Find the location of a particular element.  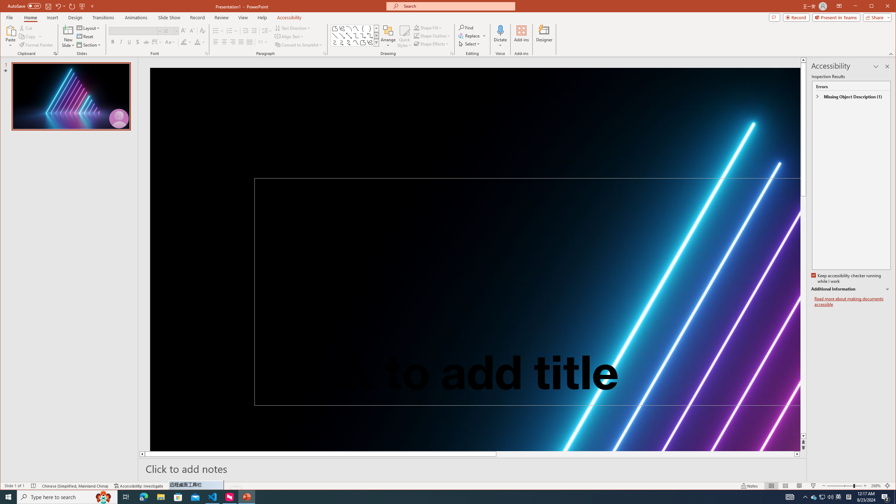

'Connector: Curved Arrow' is located at coordinates (342, 43).